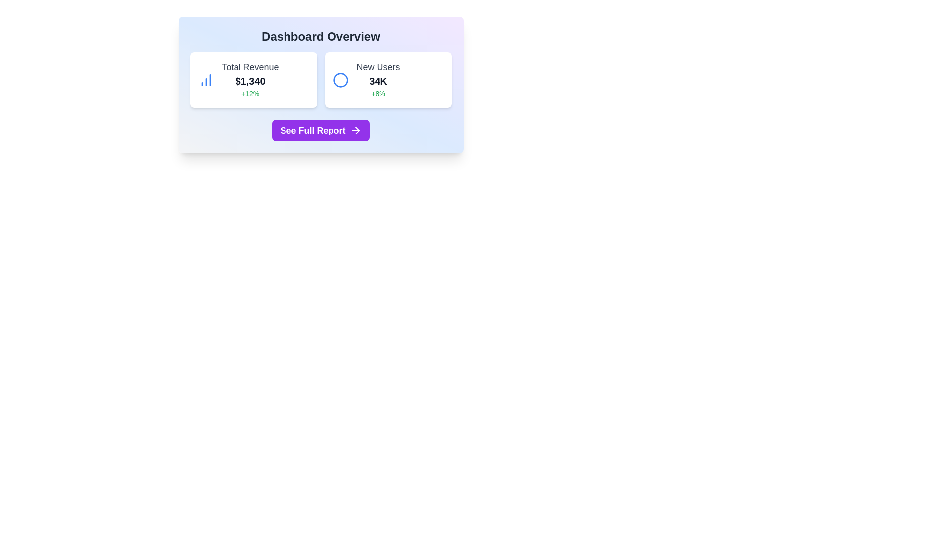  Describe the element at coordinates (340, 80) in the screenshot. I see `the SVG Circle element with a blue outline representing new users in the dashboard overview section` at that location.